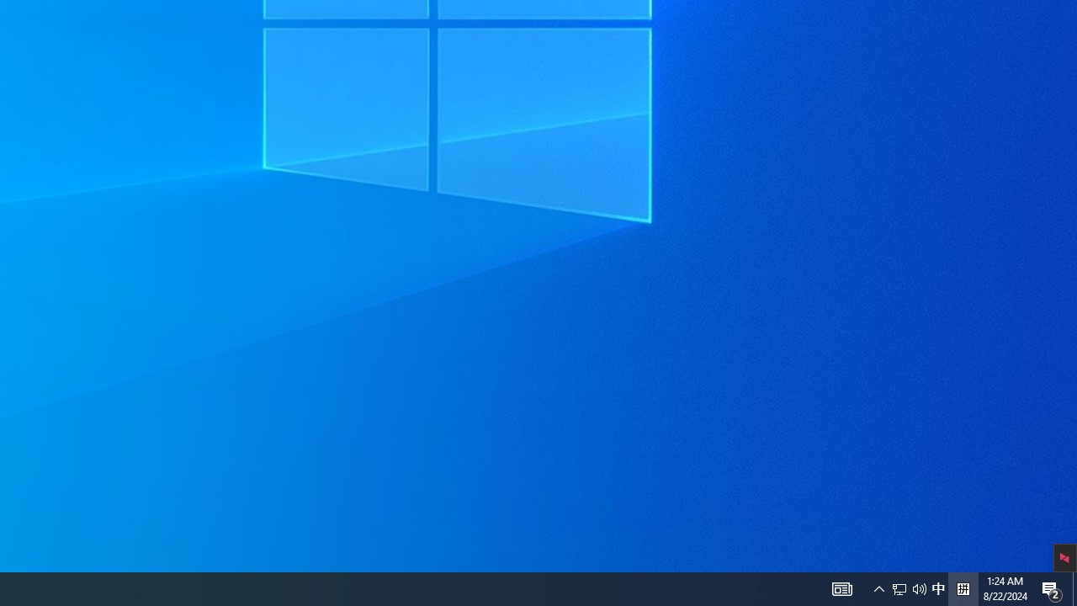  Describe the element at coordinates (919, 587) in the screenshot. I see `'Notification Chevron'` at that location.